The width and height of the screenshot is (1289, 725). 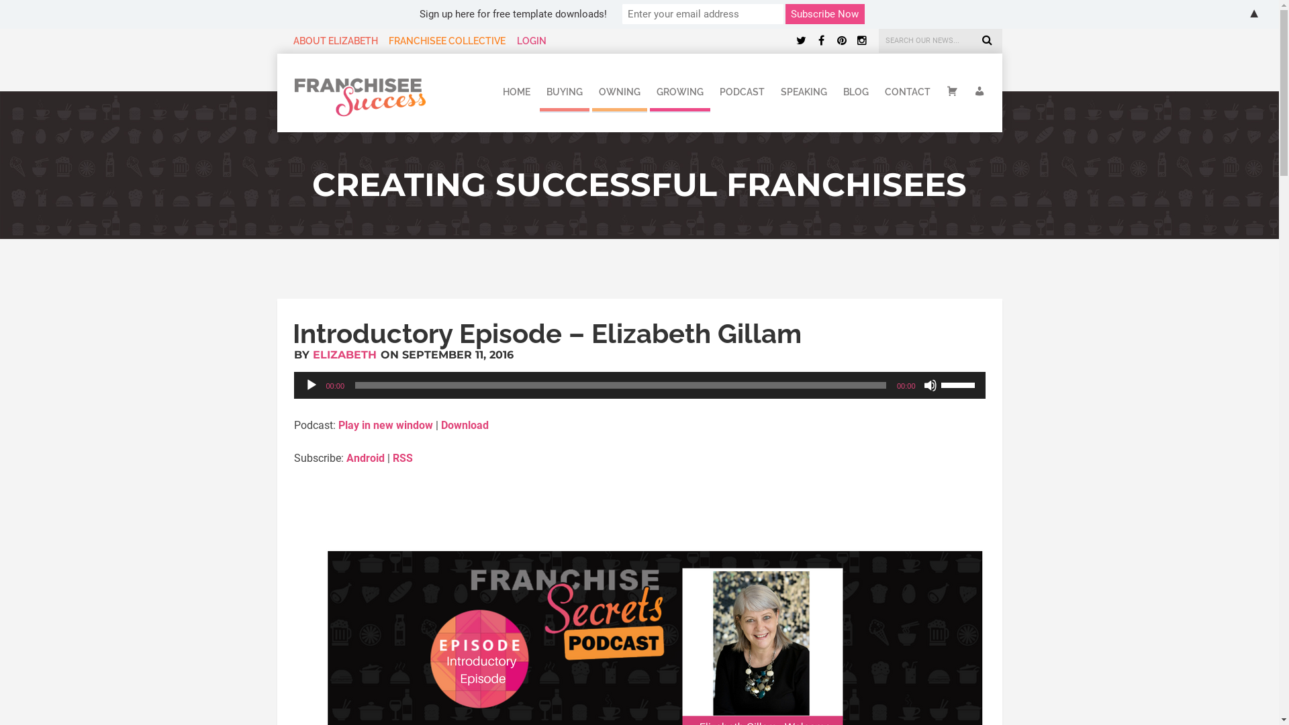 What do you see at coordinates (401, 457) in the screenshot?
I see `'RSS'` at bounding box center [401, 457].